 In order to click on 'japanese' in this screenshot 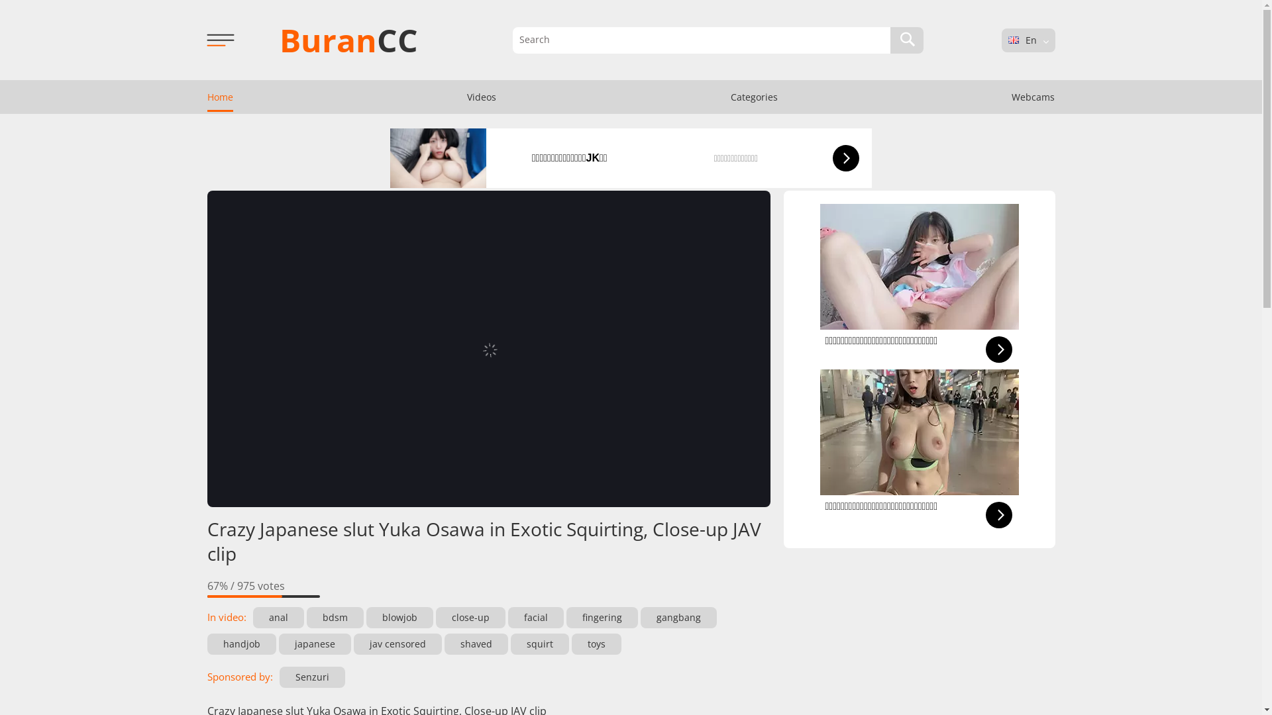, I will do `click(313, 643)`.